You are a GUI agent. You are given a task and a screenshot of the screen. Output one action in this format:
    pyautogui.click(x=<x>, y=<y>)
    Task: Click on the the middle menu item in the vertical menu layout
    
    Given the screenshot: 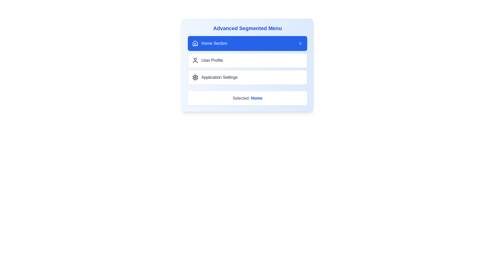 What is the action you would take?
    pyautogui.click(x=247, y=60)
    